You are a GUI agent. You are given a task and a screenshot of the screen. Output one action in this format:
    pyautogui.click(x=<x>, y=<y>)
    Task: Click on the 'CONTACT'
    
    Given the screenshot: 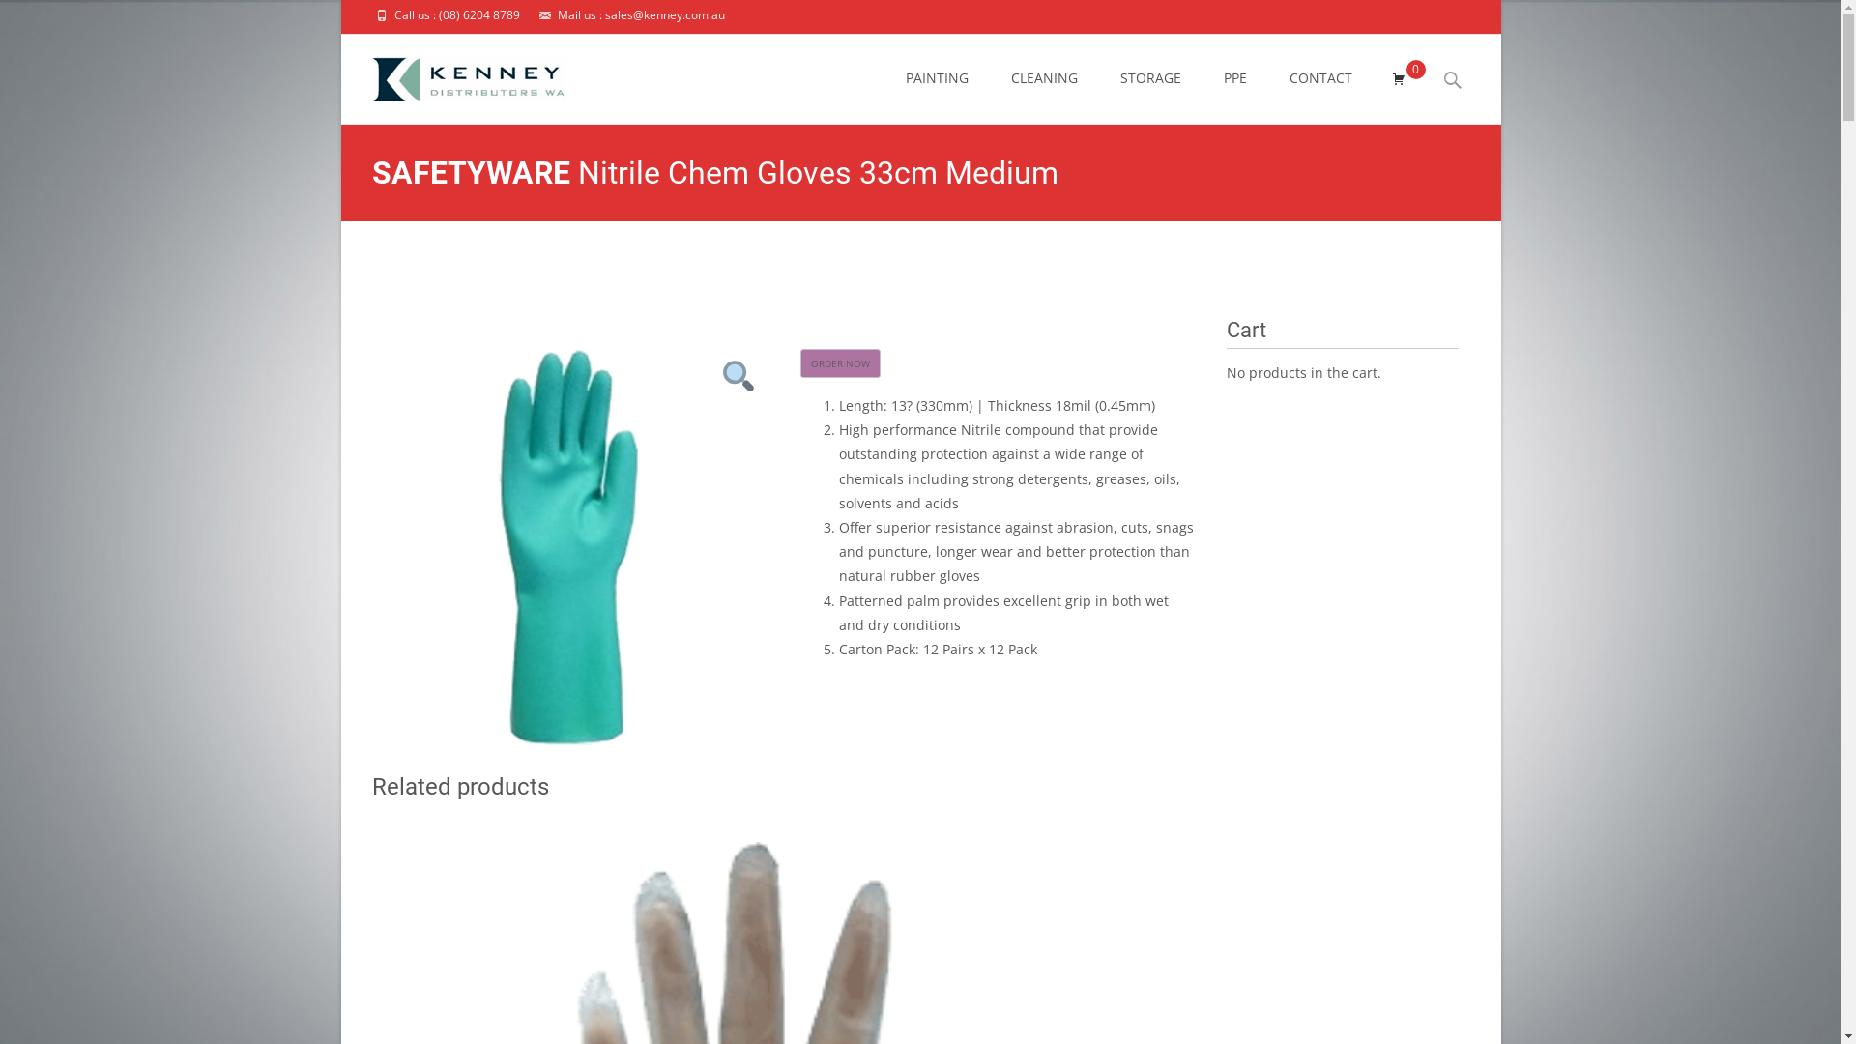 What is the action you would take?
    pyautogui.click(x=1319, y=77)
    